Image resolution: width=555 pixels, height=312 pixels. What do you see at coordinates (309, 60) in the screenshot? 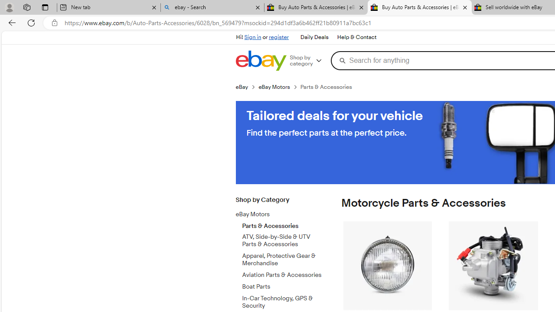
I see `'Shop by category'` at bounding box center [309, 60].